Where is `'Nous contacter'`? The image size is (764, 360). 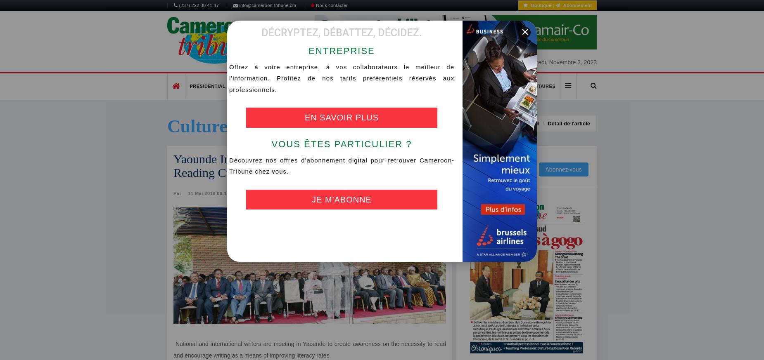 'Nous contacter' is located at coordinates (331, 5).